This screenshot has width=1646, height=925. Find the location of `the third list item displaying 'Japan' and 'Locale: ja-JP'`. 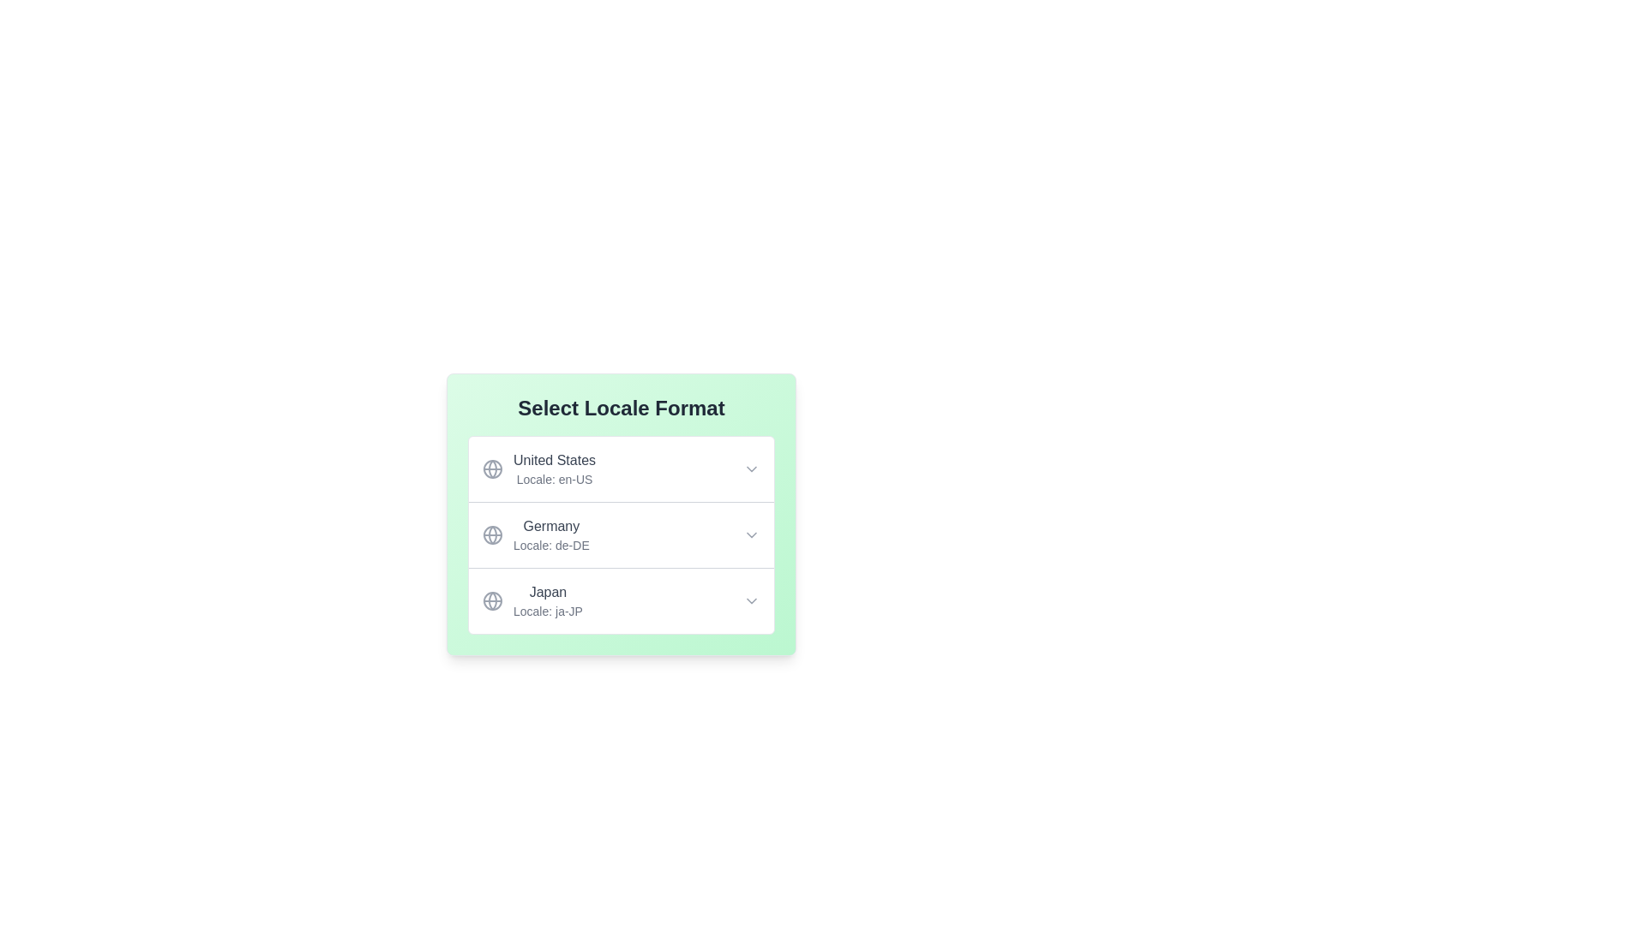

the third list item displaying 'Japan' and 'Locale: ja-JP' is located at coordinates (620, 600).